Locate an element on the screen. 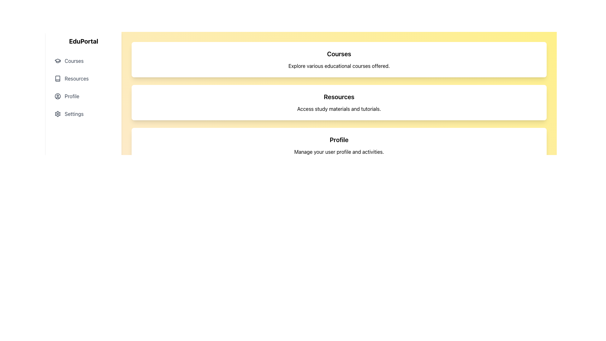  the Header text labeled 'Courses' which indicates the section's contents related to educational courses is located at coordinates (339, 53).